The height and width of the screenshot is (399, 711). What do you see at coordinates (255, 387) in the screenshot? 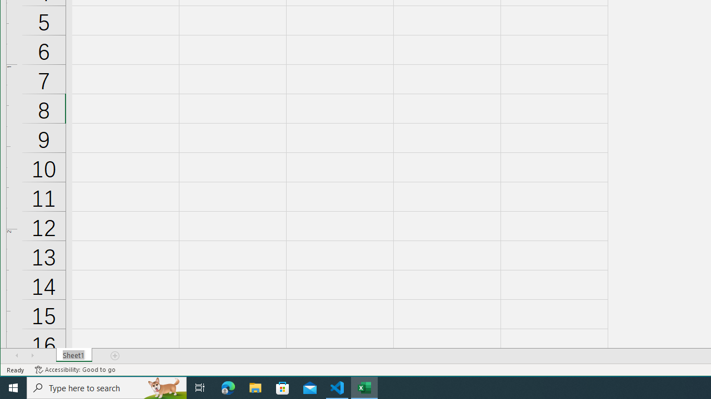
I see `'File Explorer'` at bounding box center [255, 387].